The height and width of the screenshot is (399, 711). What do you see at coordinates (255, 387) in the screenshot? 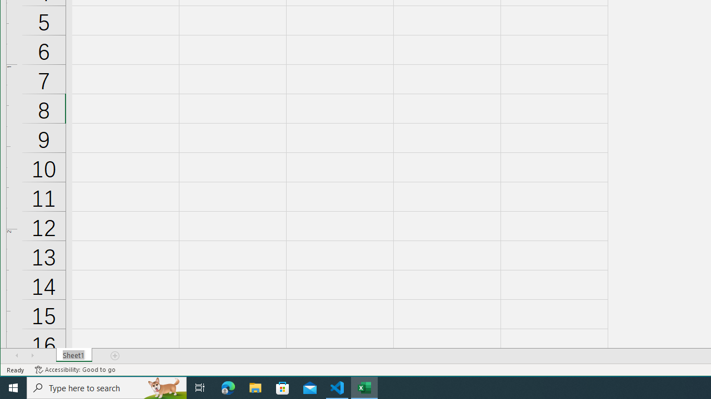
I see `'File Explorer'` at bounding box center [255, 387].